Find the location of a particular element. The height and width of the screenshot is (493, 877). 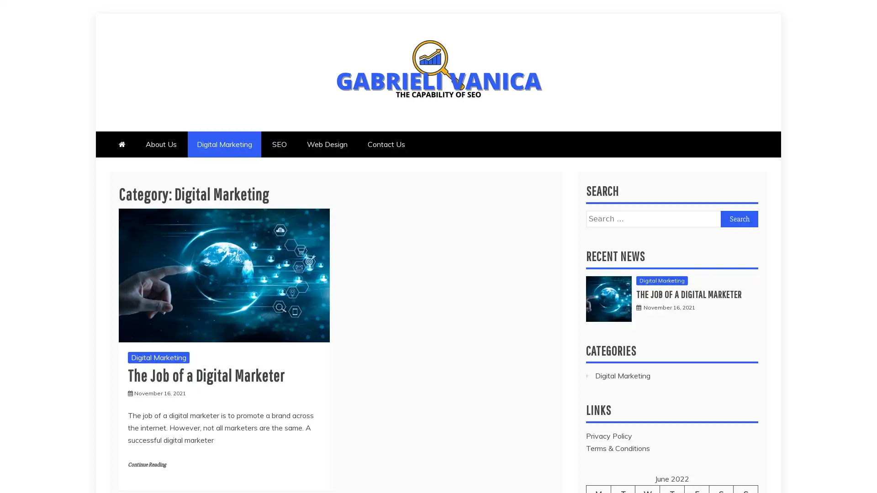

Search is located at coordinates (739, 218).